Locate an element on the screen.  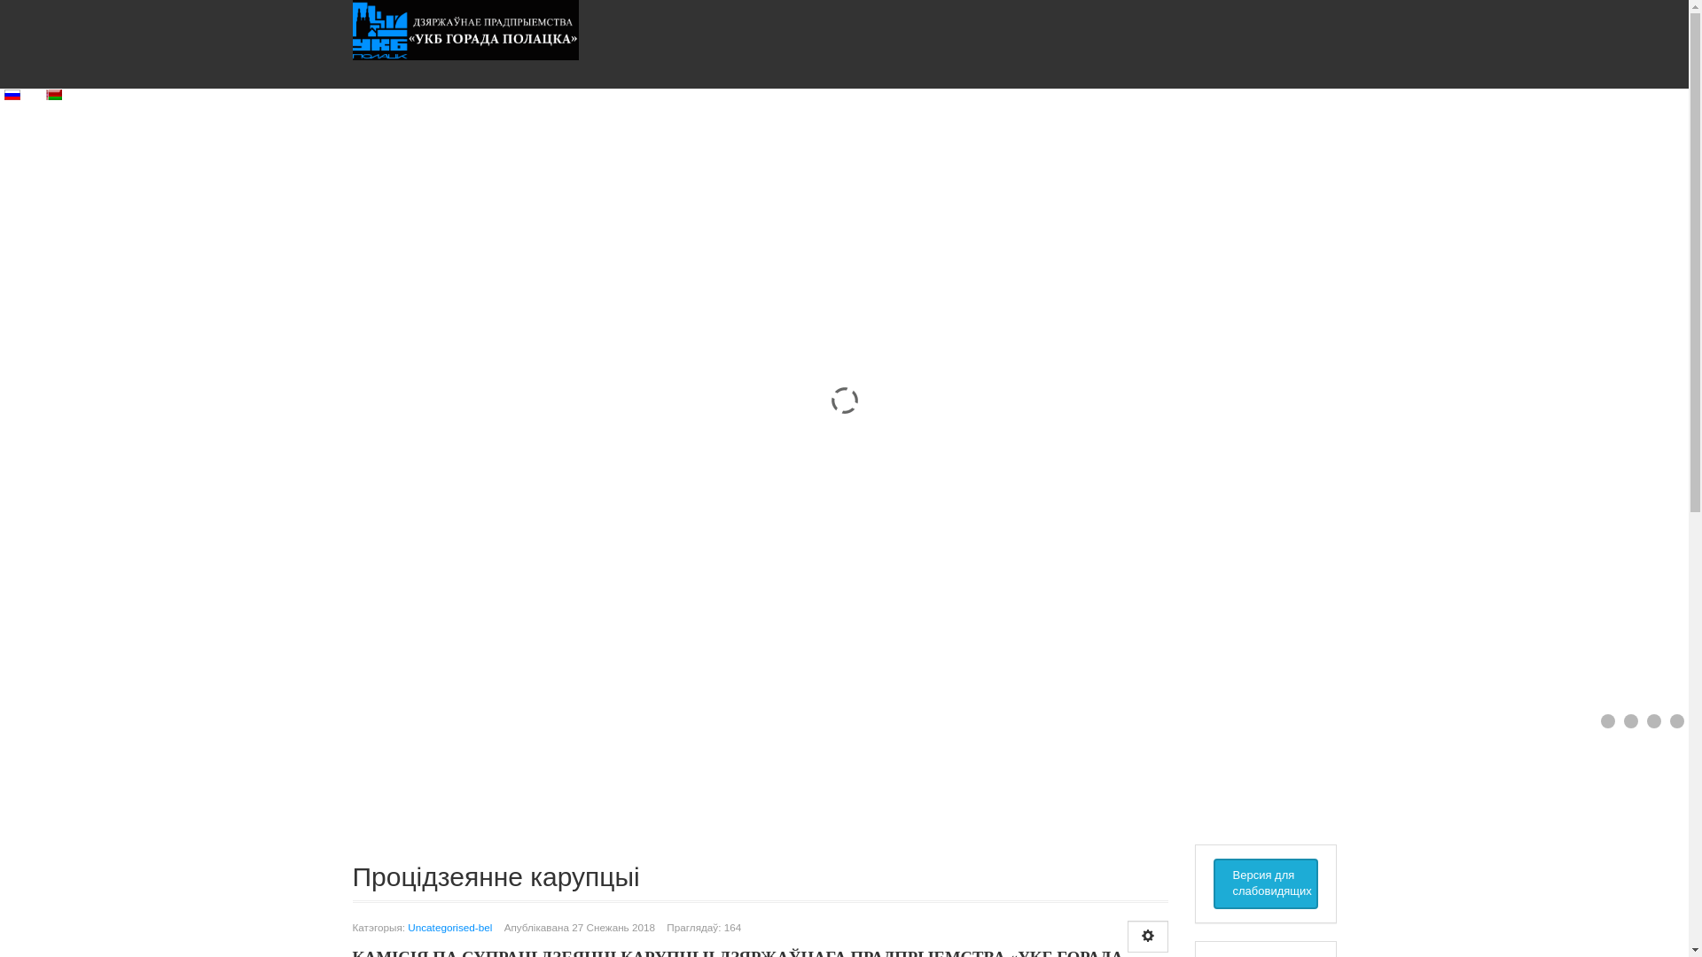
'Uncategorised-bel' is located at coordinates (449, 926).